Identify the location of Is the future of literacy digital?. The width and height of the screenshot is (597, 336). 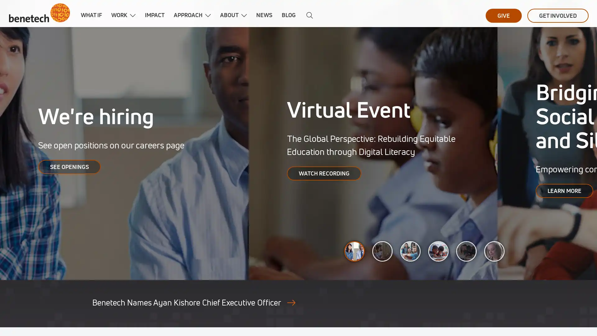
(466, 251).